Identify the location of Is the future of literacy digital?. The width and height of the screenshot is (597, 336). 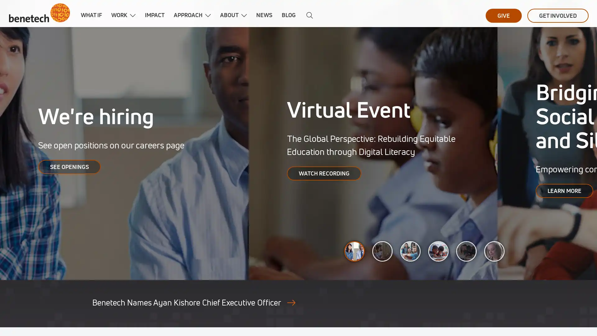
(466, 251).